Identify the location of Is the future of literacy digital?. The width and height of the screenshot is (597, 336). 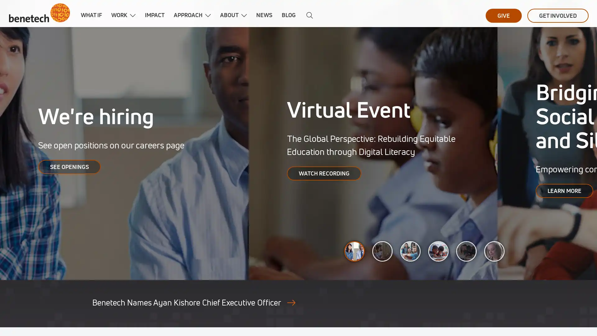
(466, 251).